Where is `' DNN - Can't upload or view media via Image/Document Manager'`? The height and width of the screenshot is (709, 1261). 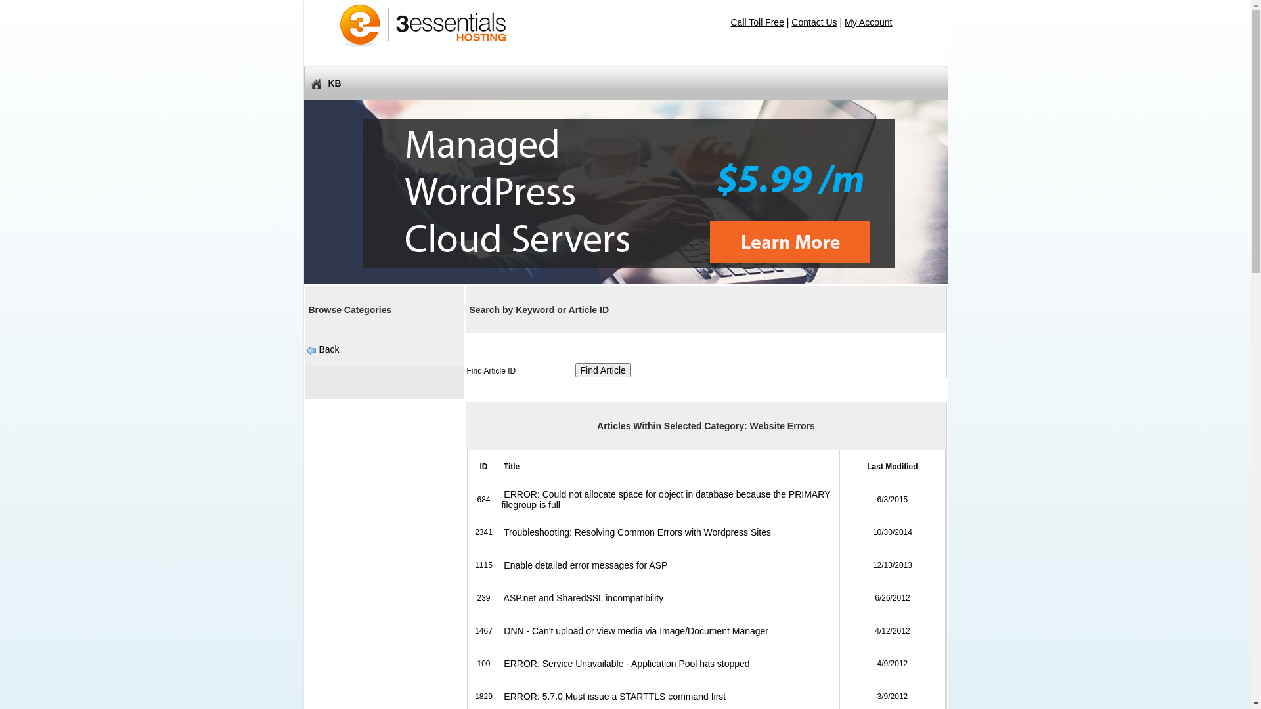
' DNN - Can't upload or view media via Image/Document Manager' is located at coordinates (634, 630).